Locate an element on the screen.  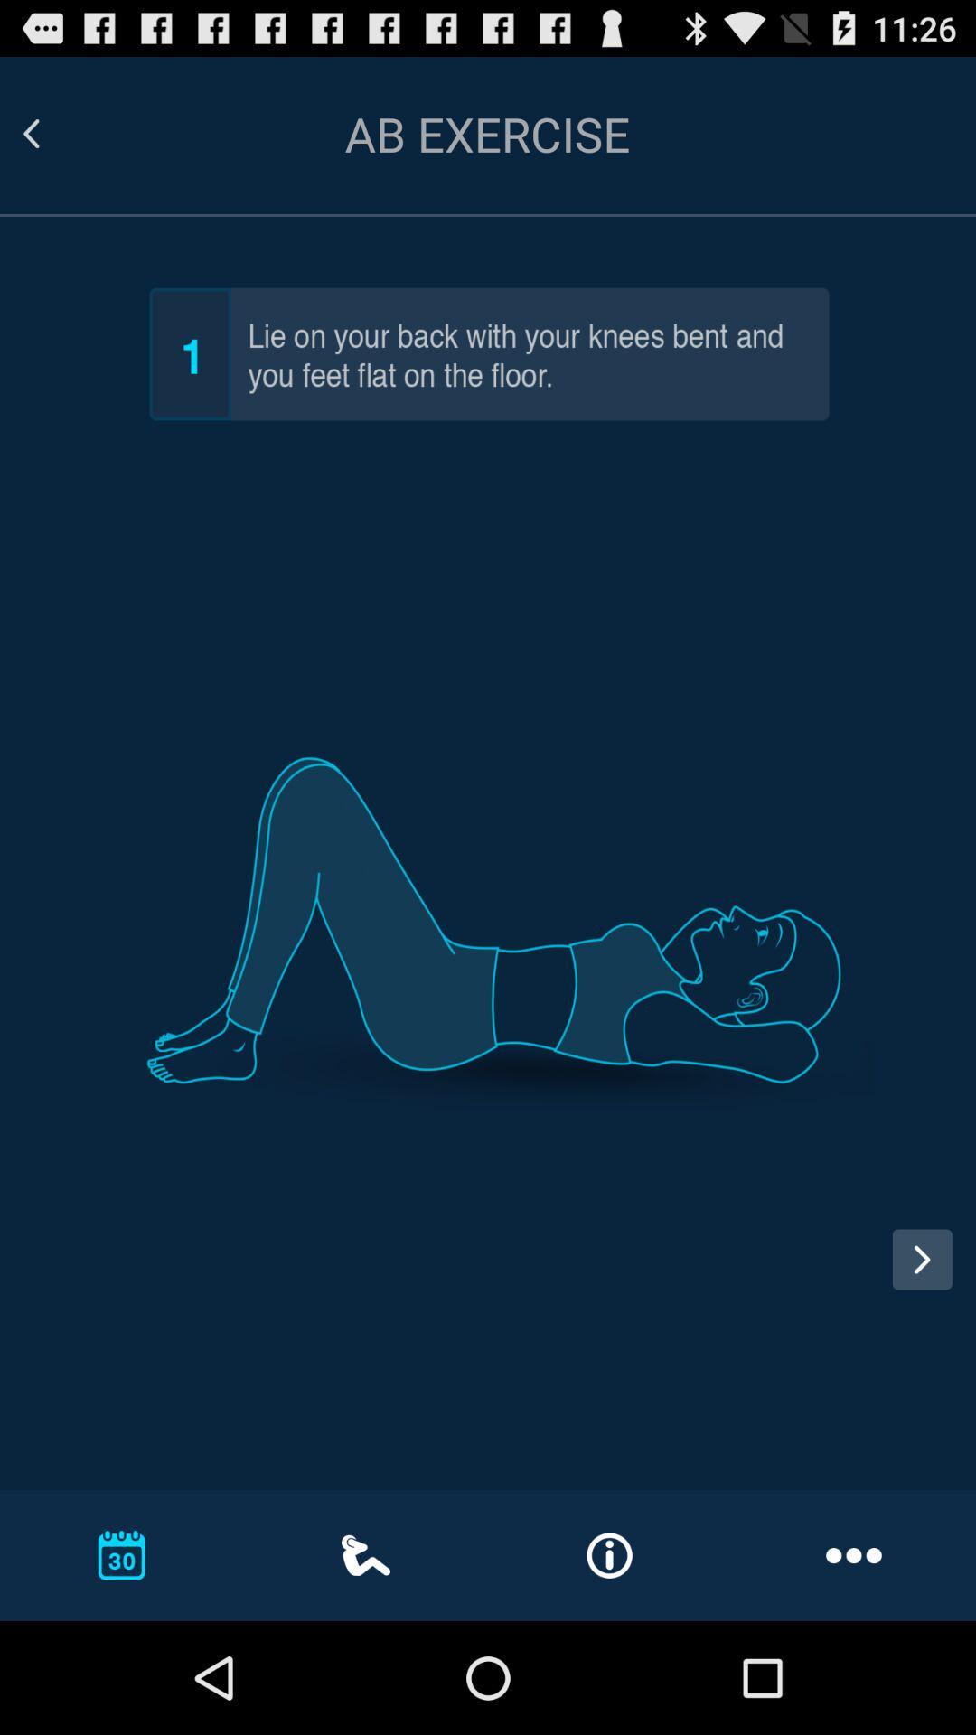
previous is located at coordinates (46, 1275).